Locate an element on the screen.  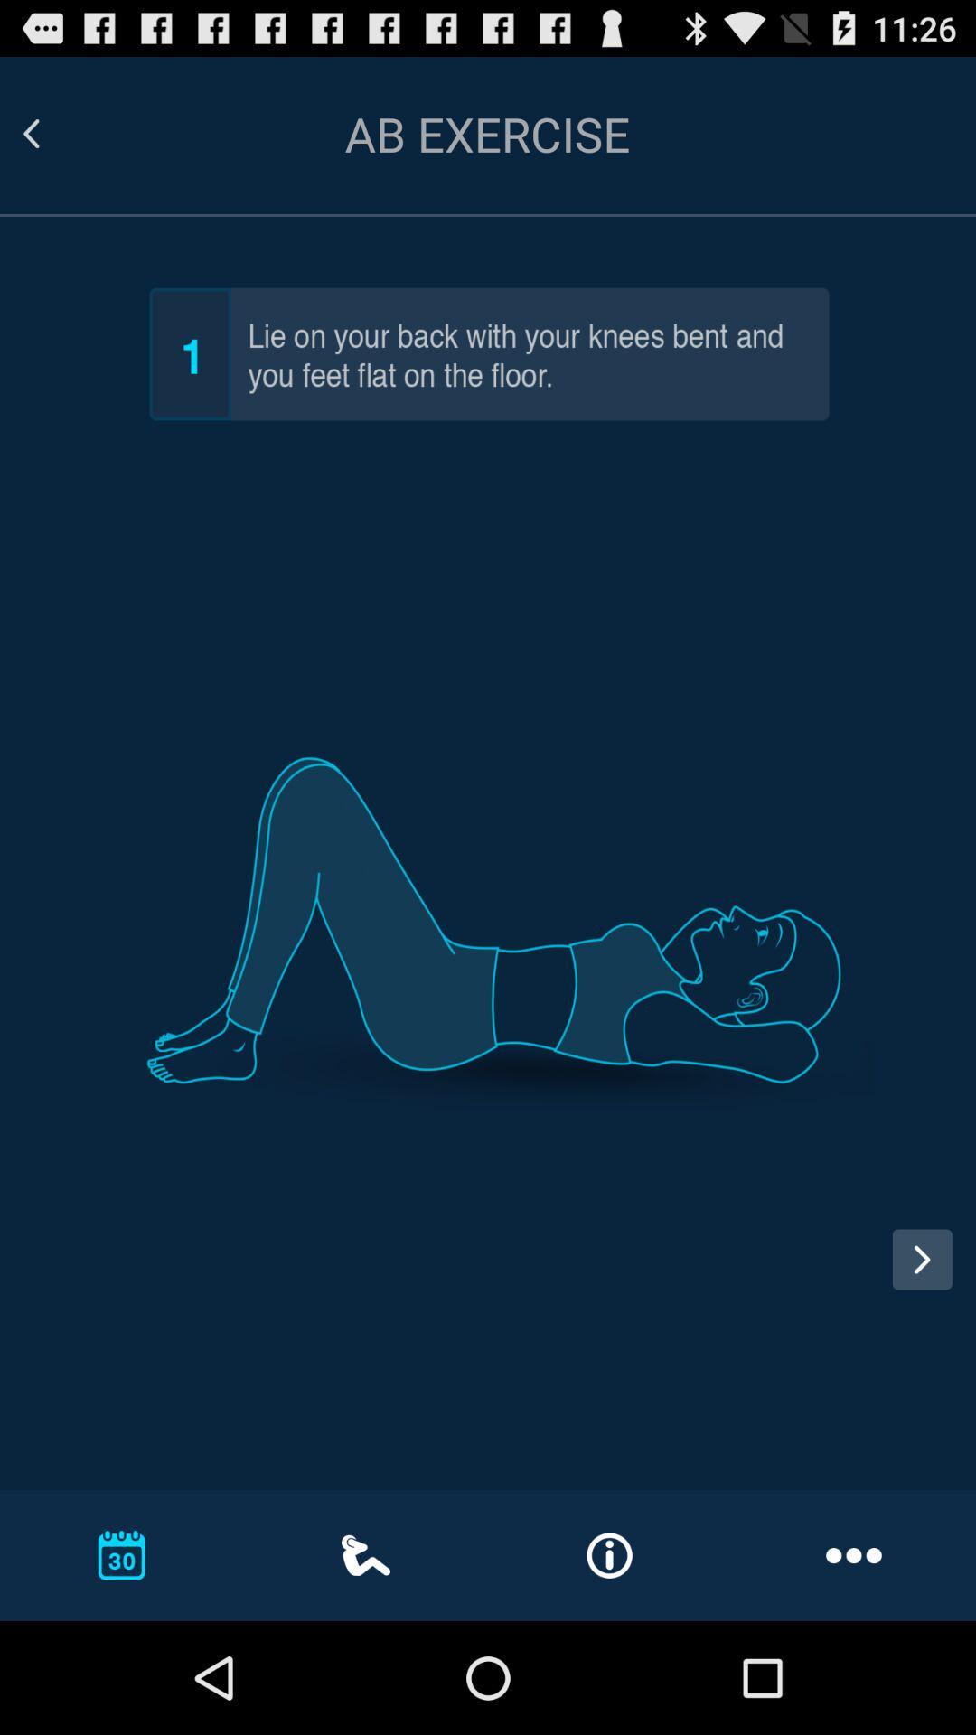
previous is located at coordinates (46, 1275).